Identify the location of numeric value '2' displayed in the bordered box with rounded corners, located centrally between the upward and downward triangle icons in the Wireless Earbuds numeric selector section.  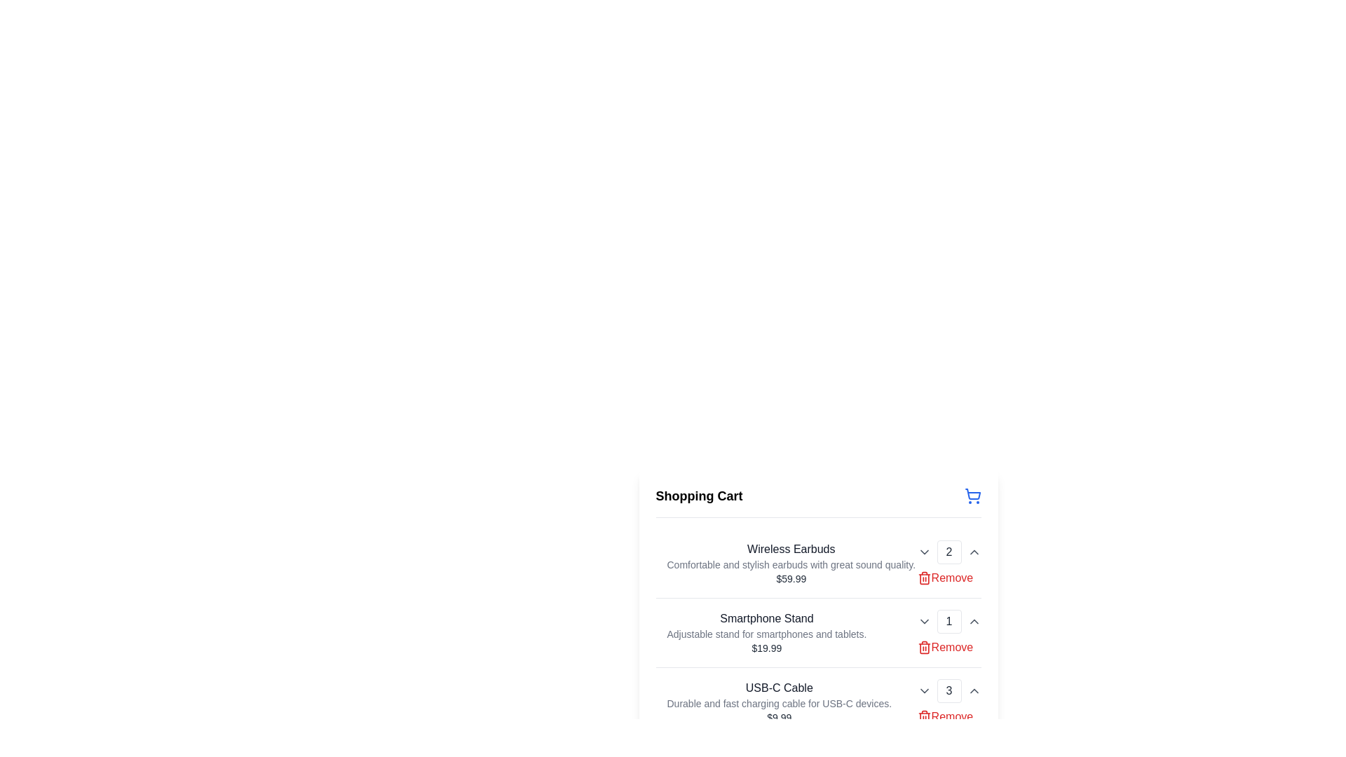
(949, 551).